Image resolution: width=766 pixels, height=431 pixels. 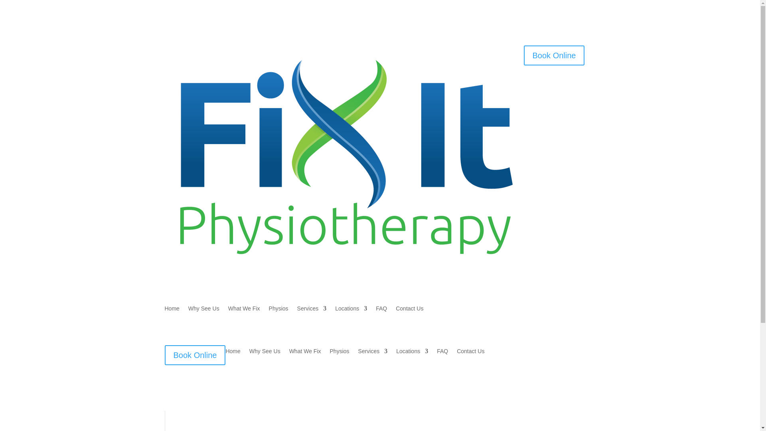 I want to click on 'Locations', so click(x=351, y=309).